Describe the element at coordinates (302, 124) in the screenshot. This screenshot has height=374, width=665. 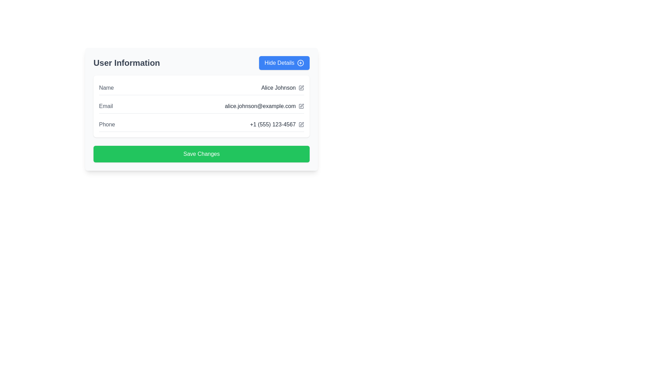
I see `the edit icon resembling a pen located in the third row of the user details section next to the phone number` at that location.